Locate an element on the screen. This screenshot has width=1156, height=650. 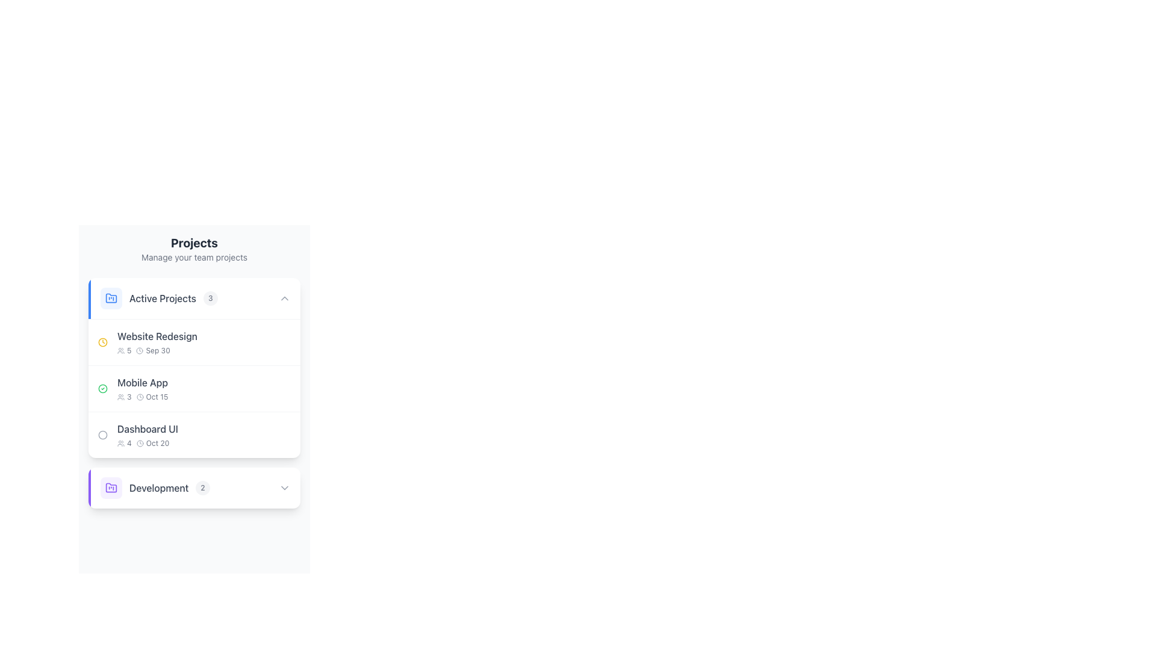
the 'Development' project card is located at coordinates (194, 487).